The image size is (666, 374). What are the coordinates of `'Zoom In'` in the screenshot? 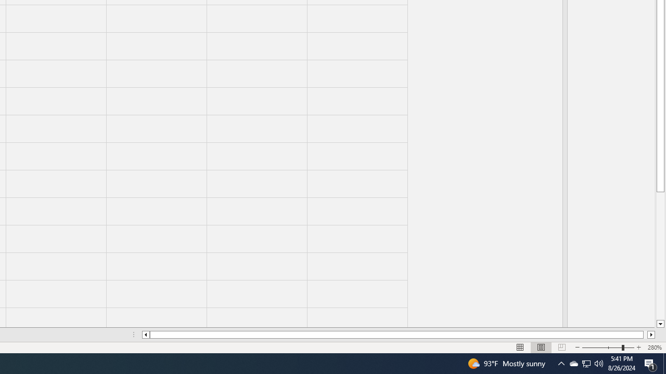 It's located at (638, 348).